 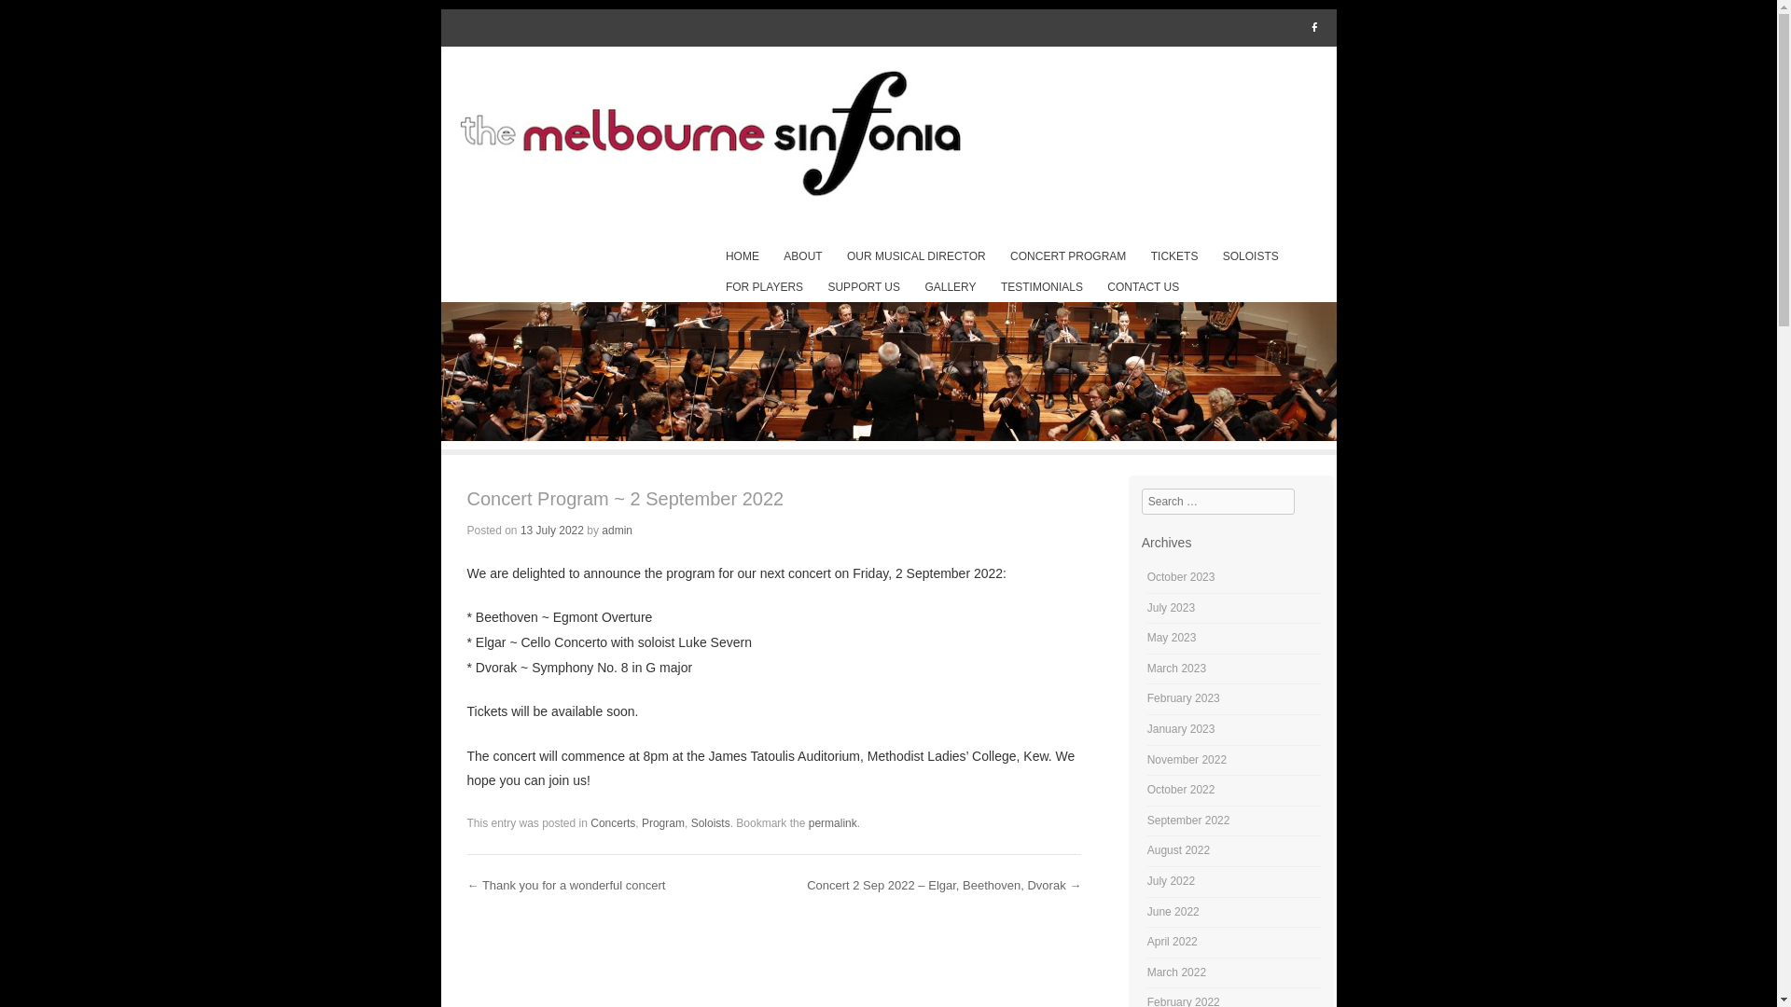 I want to click on 'ABOUT', so click(x=774, y=257).